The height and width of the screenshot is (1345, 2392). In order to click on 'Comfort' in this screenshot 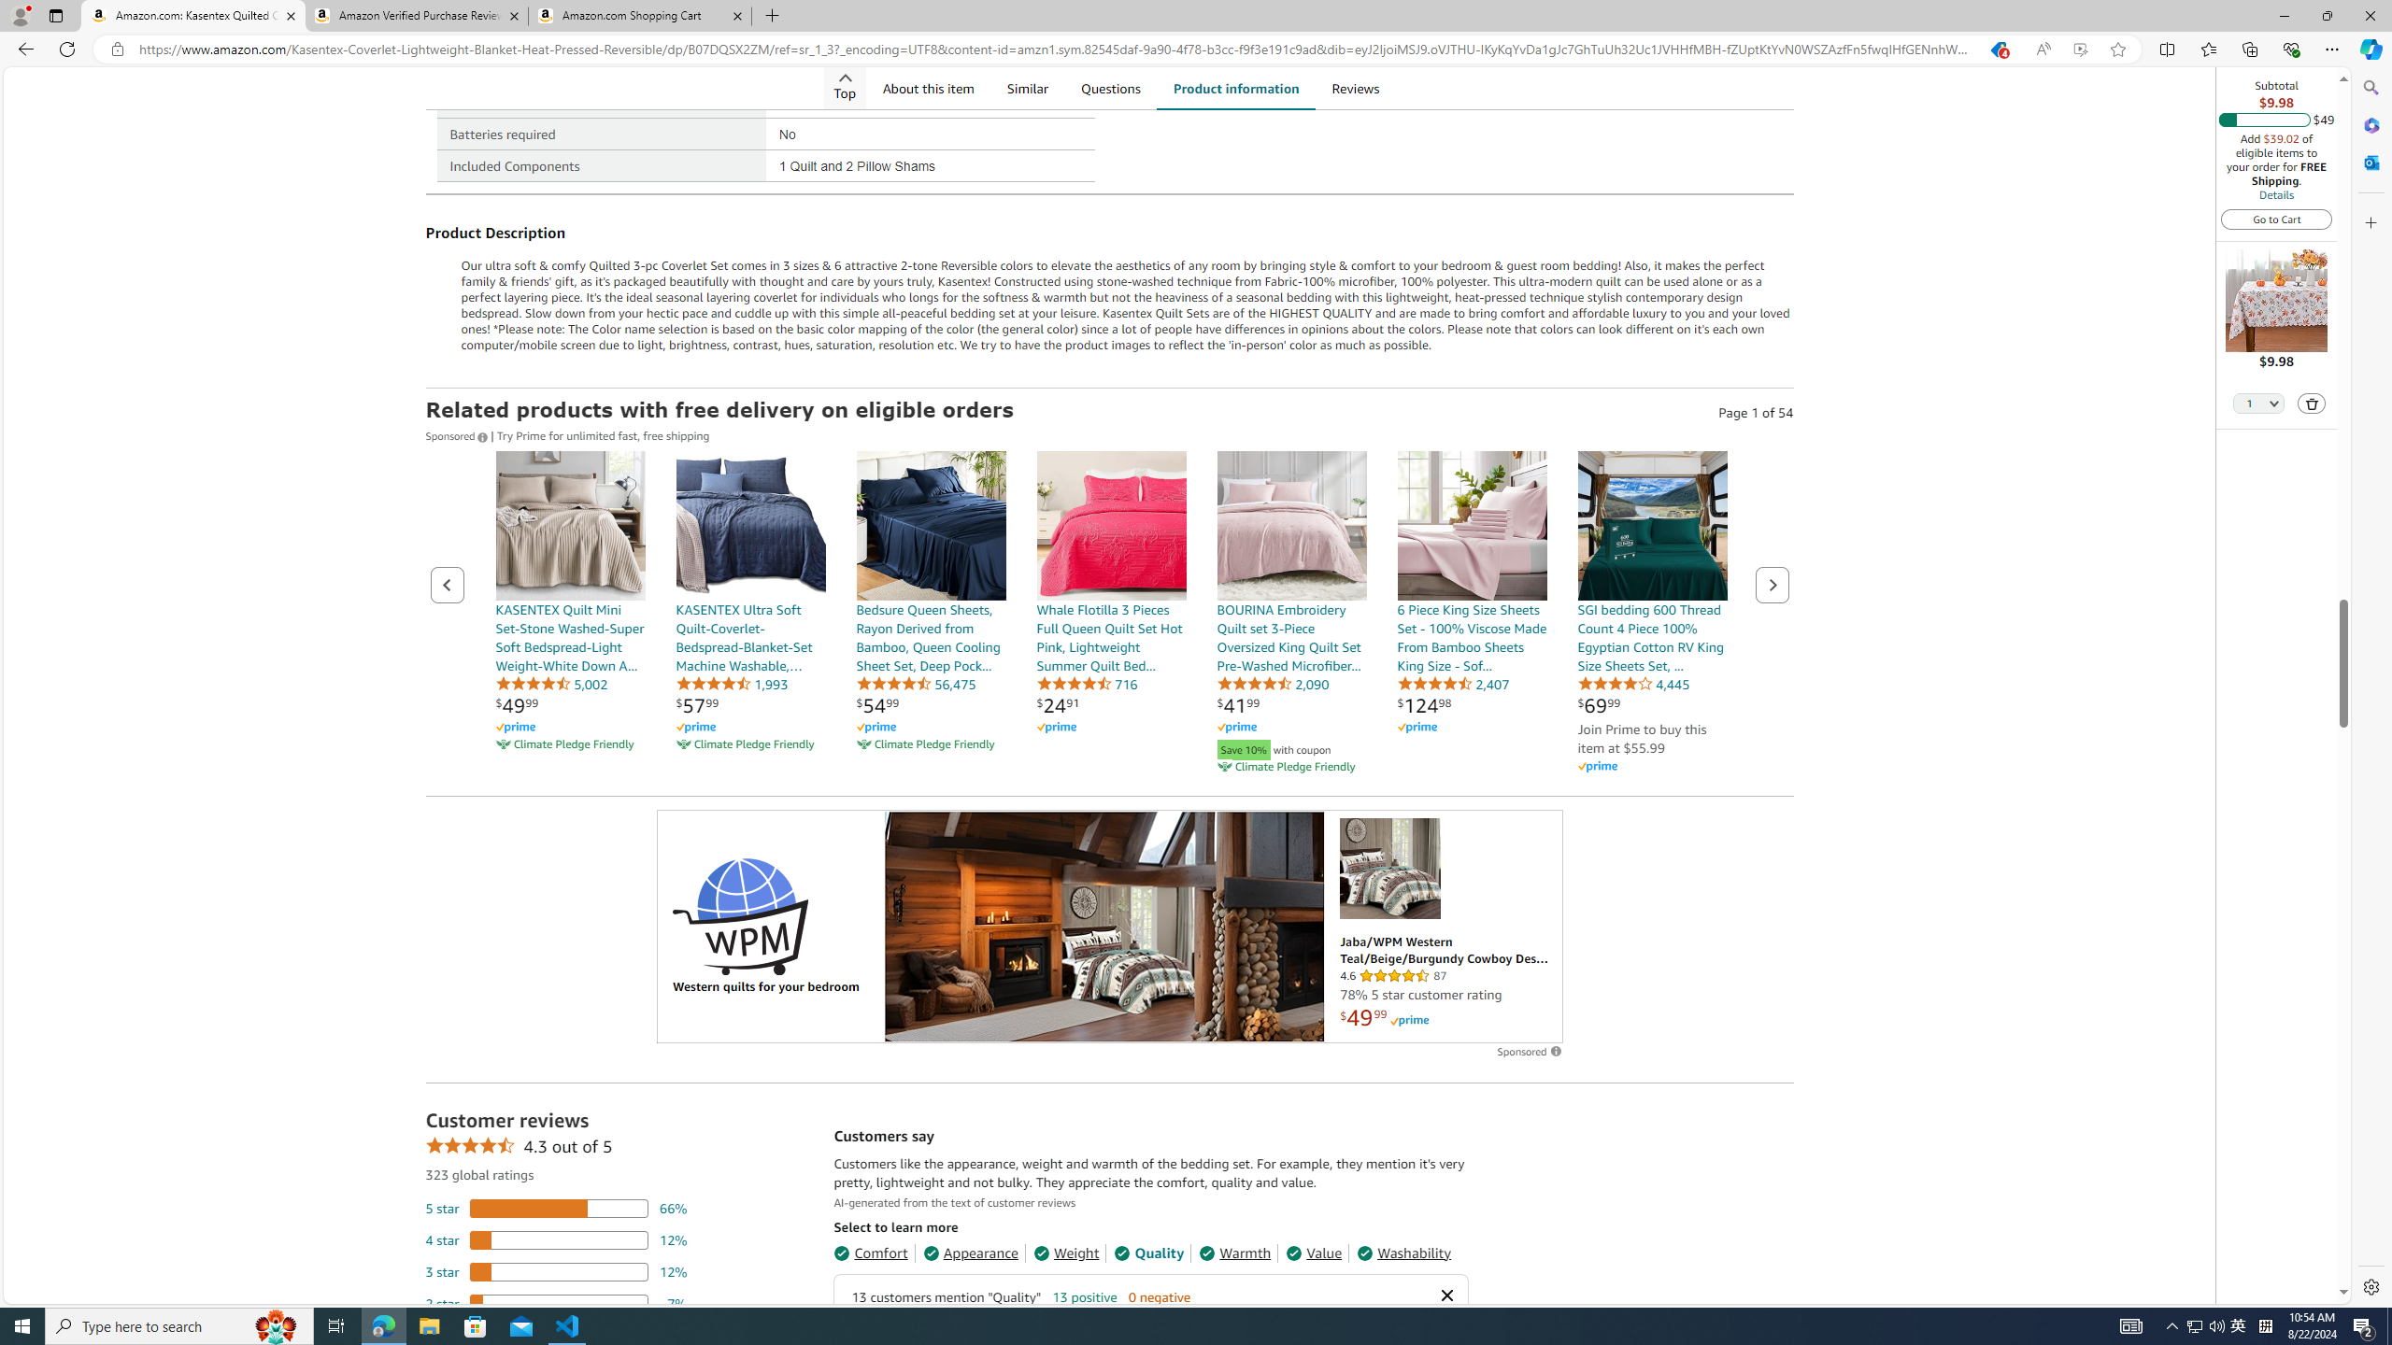, I will do `click(869, 1252)`.